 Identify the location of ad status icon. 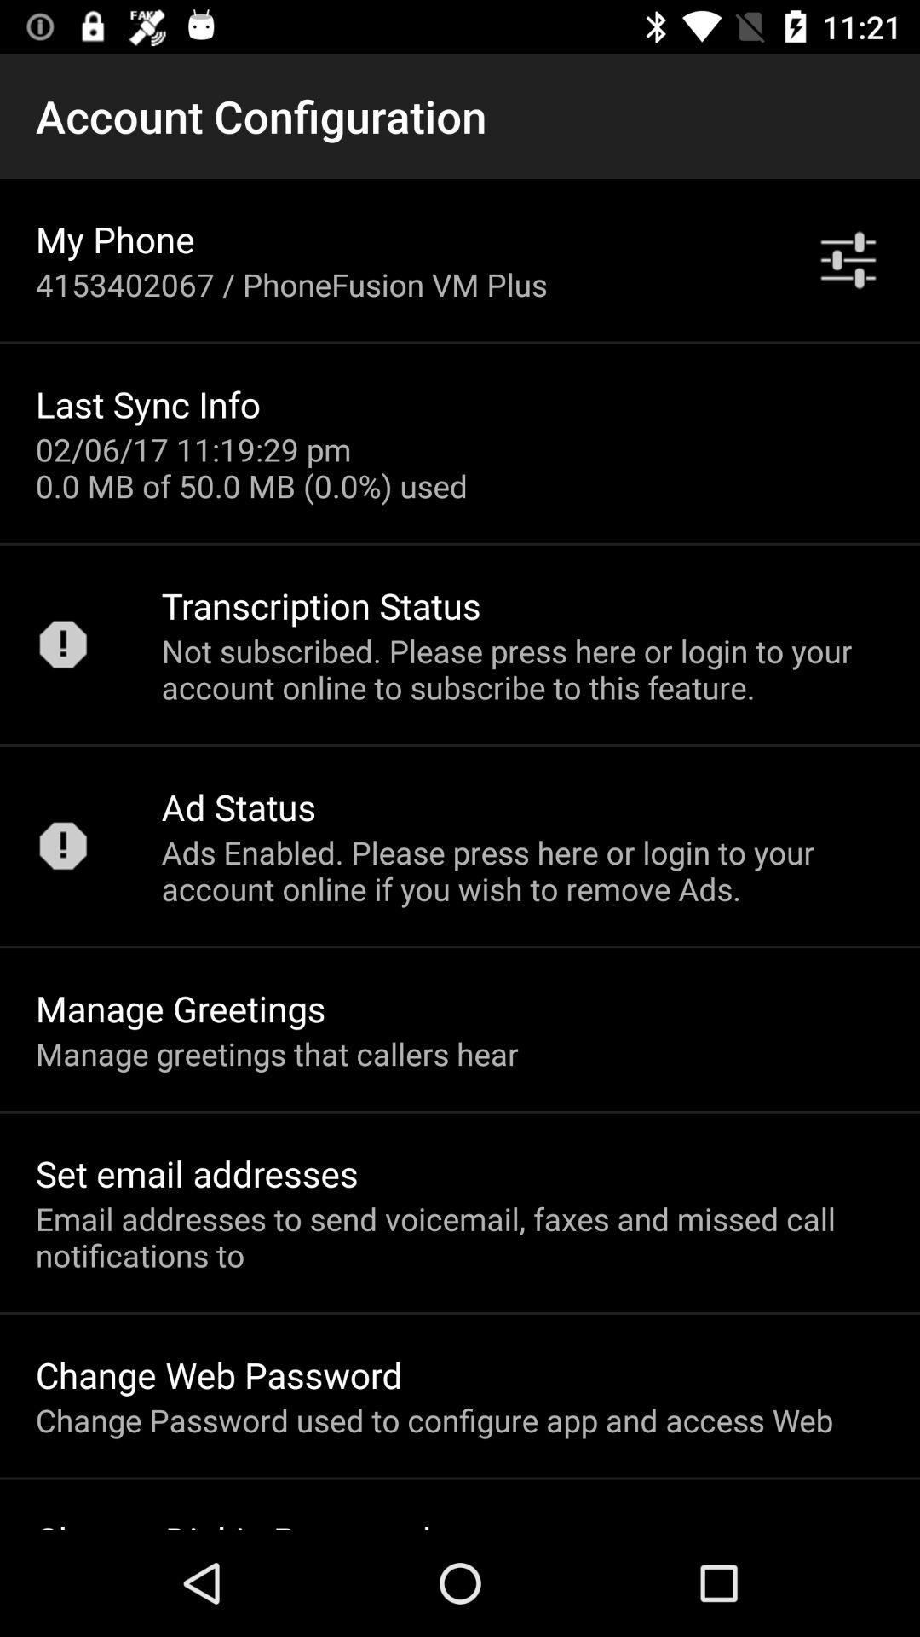
(239, 806).